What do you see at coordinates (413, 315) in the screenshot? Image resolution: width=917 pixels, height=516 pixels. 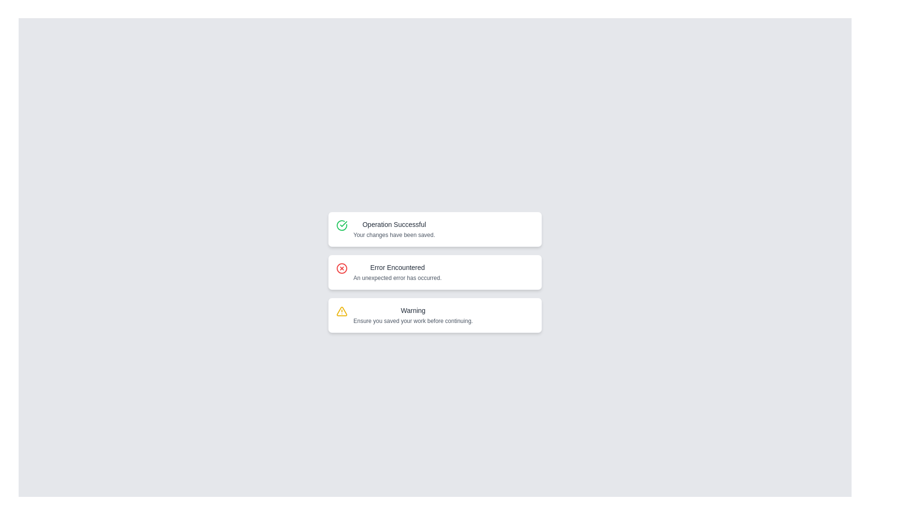 I see `the warning notification that emphasizes the need to save work, which is the third notification in a vertically stacked list` at bounding box center [413, 315].